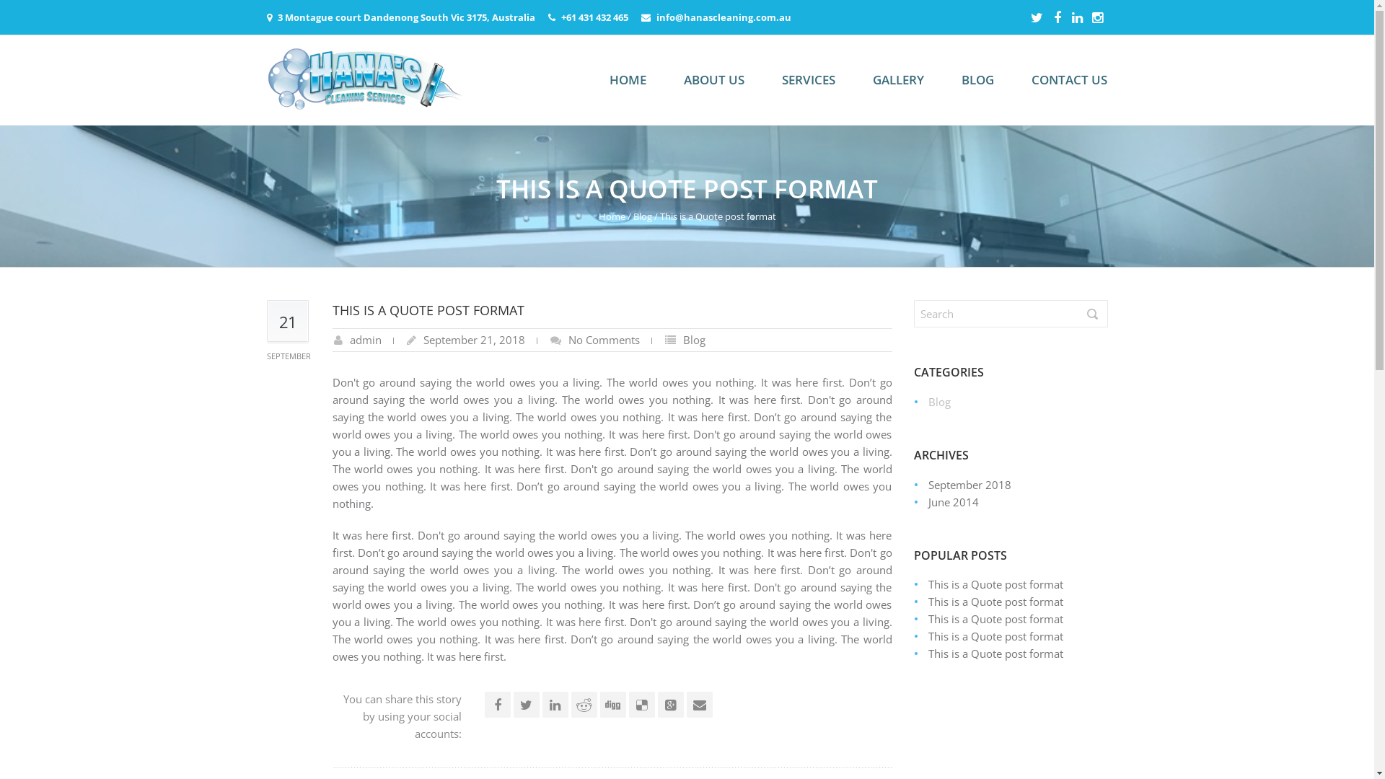  I want to click on 'Facebook', so click(1057, 17).